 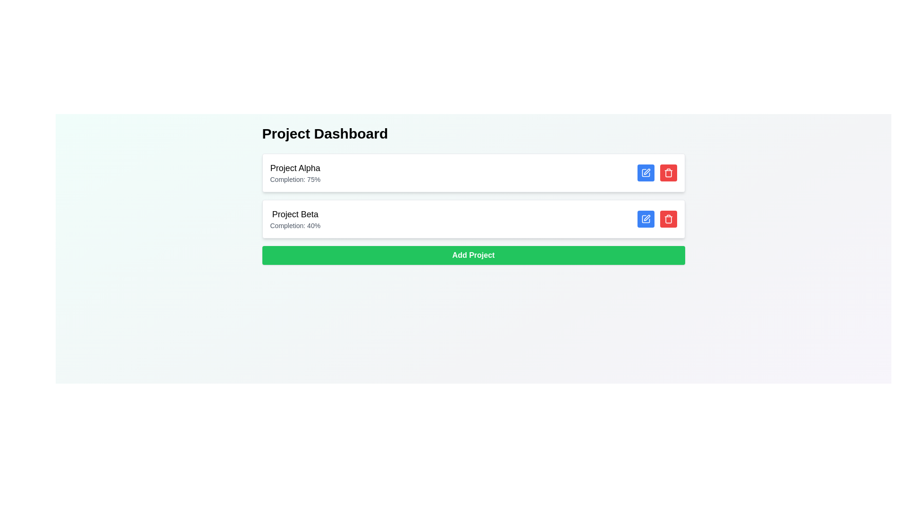 I want to click on the 'Add New Project' button located at the bottom of the project list, below the last project item ('Project Beta'), so click(x=473, y=255).